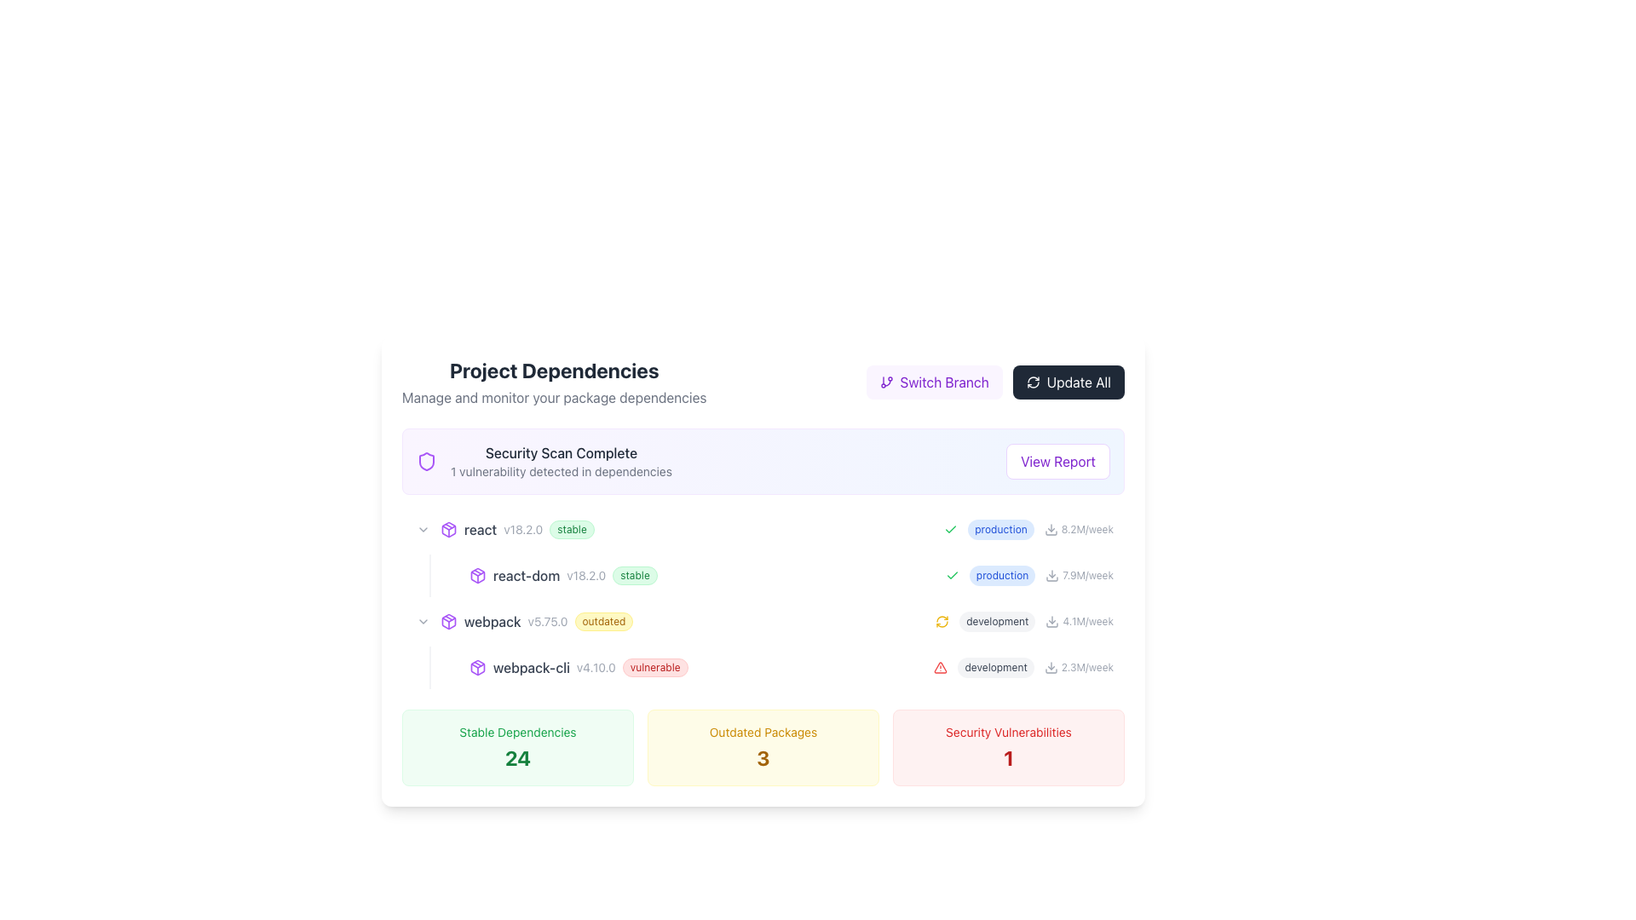  I want to click on the information displayed on the first informational card showing the number of stable dependencies in the dashboard view, so click(517, 747).